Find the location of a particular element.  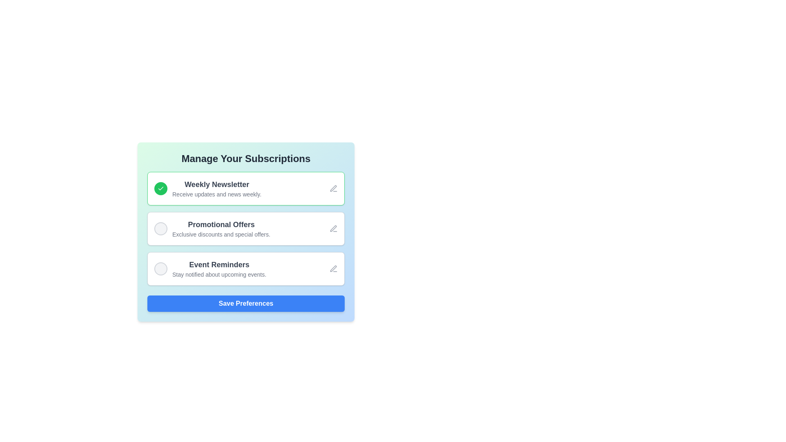

the associated icon of the second list item in the subscription options, which is related to promotional offers is located at coordinates (212, 229).